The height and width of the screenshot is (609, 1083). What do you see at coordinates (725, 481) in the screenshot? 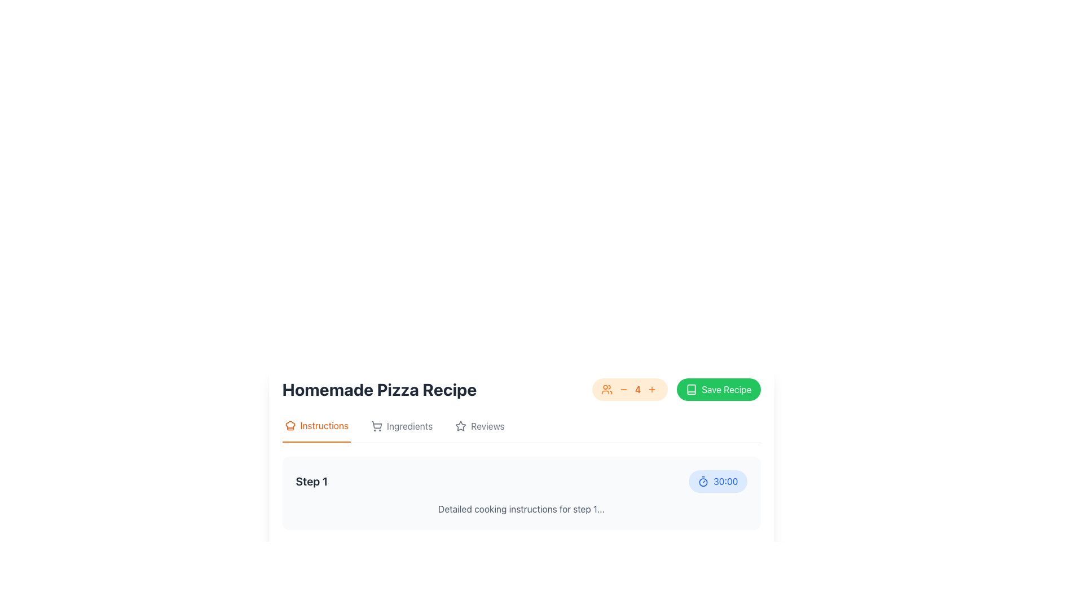
I see `displayed time from the blue text label '30:00' located in the bottom-right corner adjacent to the timer icon` at bounding box center [725, 481].